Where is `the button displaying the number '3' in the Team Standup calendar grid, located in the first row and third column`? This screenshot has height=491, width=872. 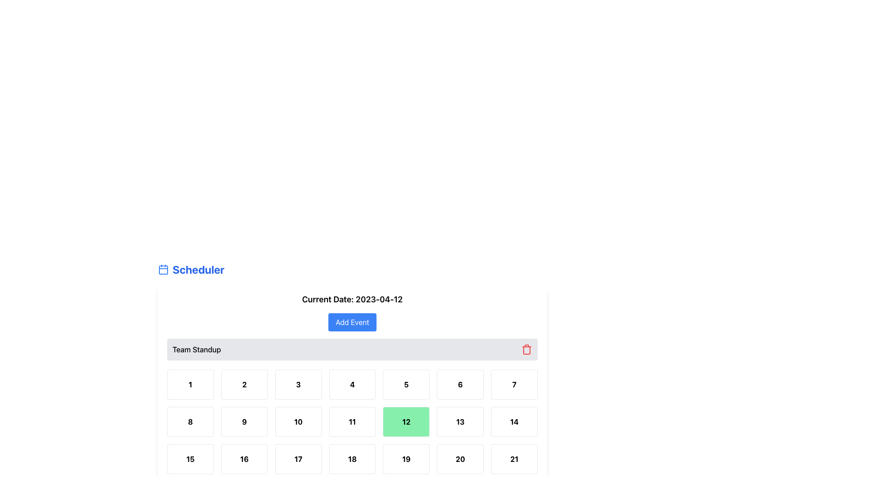 the button displaying the number '3' in the Team Standup calendar grid, located in the first row and third column is located at coordinates (298, 384).